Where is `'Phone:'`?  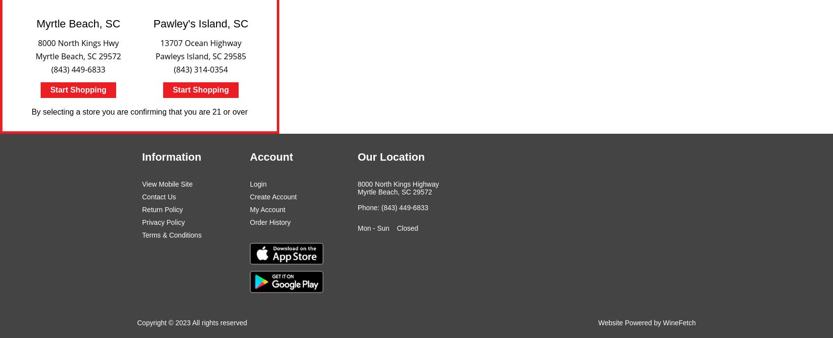
'Phone:' is located at coordinates (368, 207).